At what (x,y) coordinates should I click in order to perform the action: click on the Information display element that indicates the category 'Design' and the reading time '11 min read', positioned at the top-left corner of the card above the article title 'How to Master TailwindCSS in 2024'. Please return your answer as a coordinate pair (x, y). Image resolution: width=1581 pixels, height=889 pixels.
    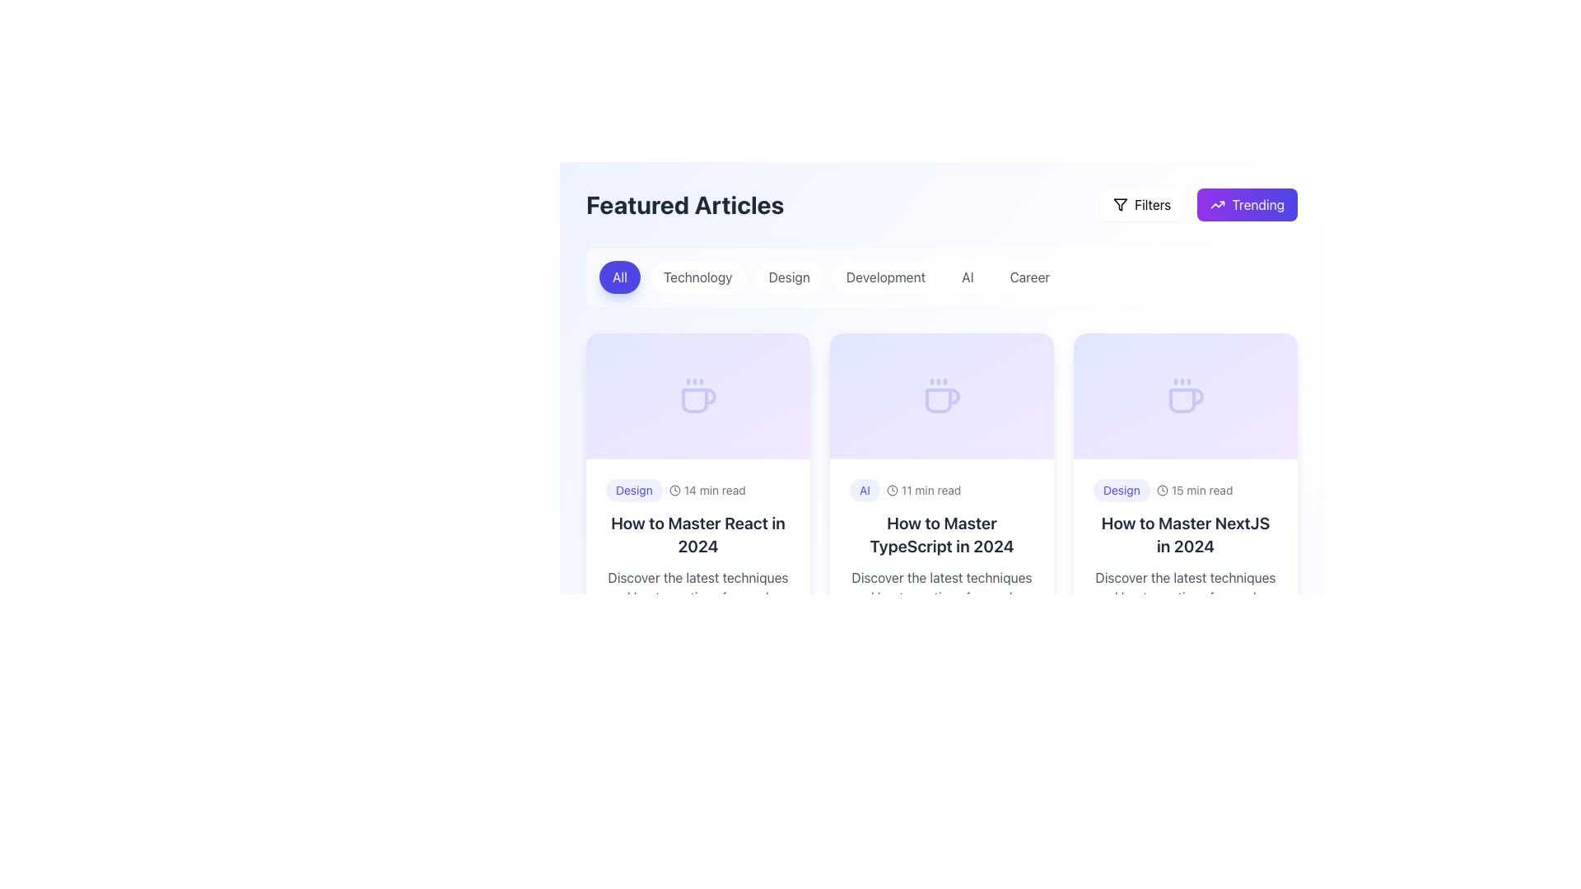
    Looking at the image, I should click on (698, 845).